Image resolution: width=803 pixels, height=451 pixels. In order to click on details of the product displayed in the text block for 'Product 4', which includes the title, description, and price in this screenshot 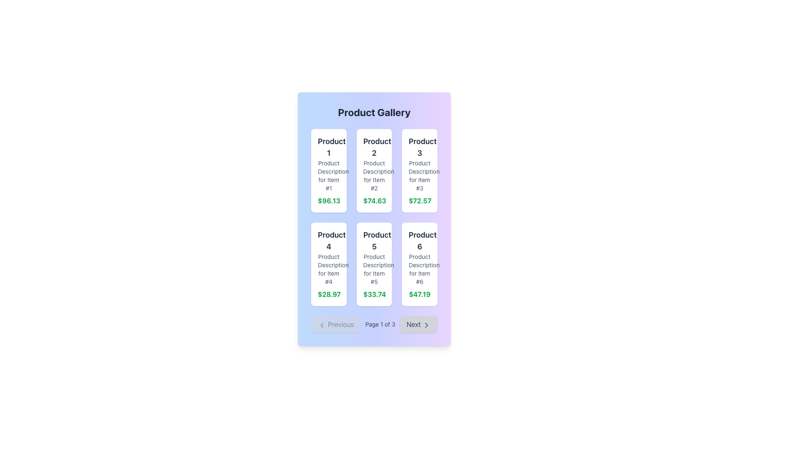, I will do `click(328, 264)`.